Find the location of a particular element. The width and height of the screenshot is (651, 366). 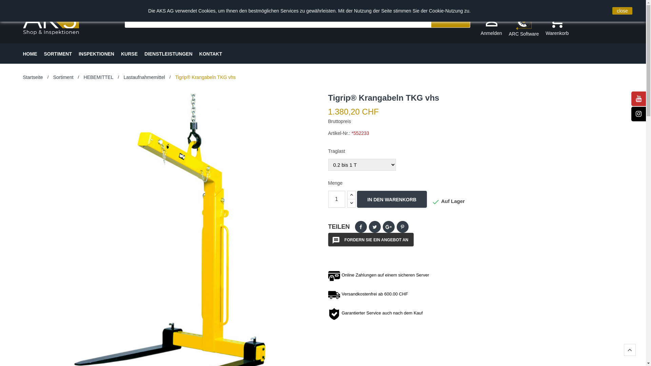

'HEBEMITTEL' is located at coordinates (83, 77).